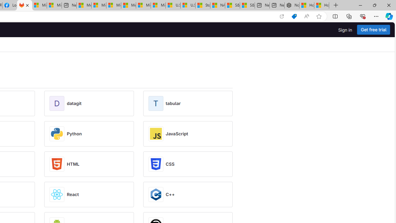 The image size is (396, 223). Describe the element at coordinates (114, 5) in the screenshot. I see `'Microsoft account | Home'` at that location.